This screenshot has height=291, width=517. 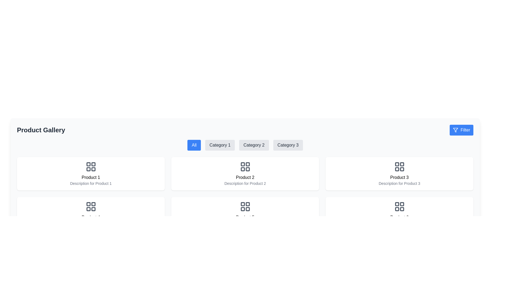 I want to click on the Decorative square icon, which is the first item in the 2x2 grid layout above the text 'Product 1' on the first card in the product gallery, so click(x=88, y=164).